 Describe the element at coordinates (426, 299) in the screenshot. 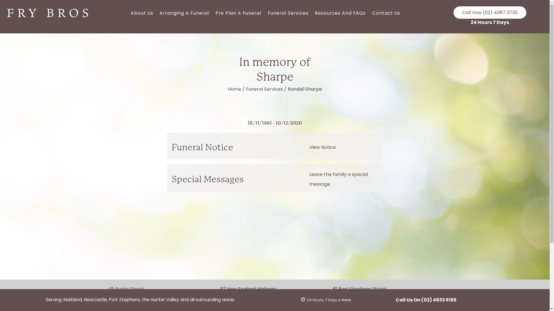

I see `'Call Us On (02) 4933 6155'` at that location.